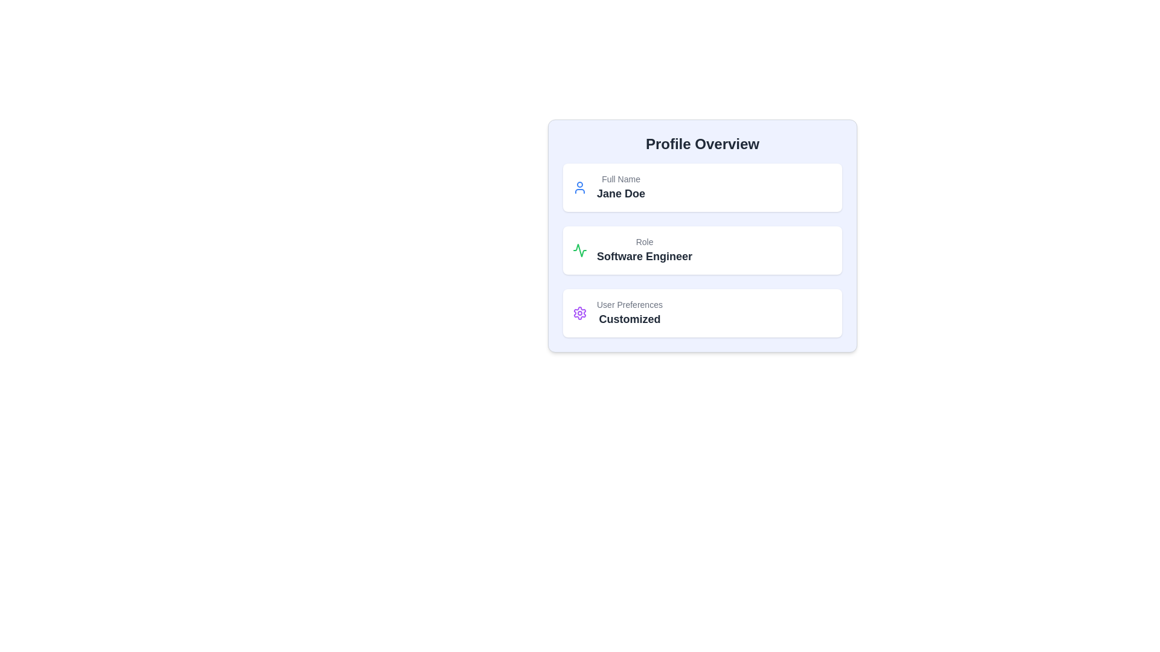 Image resolution: width=1160 pixels, height=652 pixels. I want to click on the text block labeled 'Software Engineer' to copy the text, so click(643, 250).